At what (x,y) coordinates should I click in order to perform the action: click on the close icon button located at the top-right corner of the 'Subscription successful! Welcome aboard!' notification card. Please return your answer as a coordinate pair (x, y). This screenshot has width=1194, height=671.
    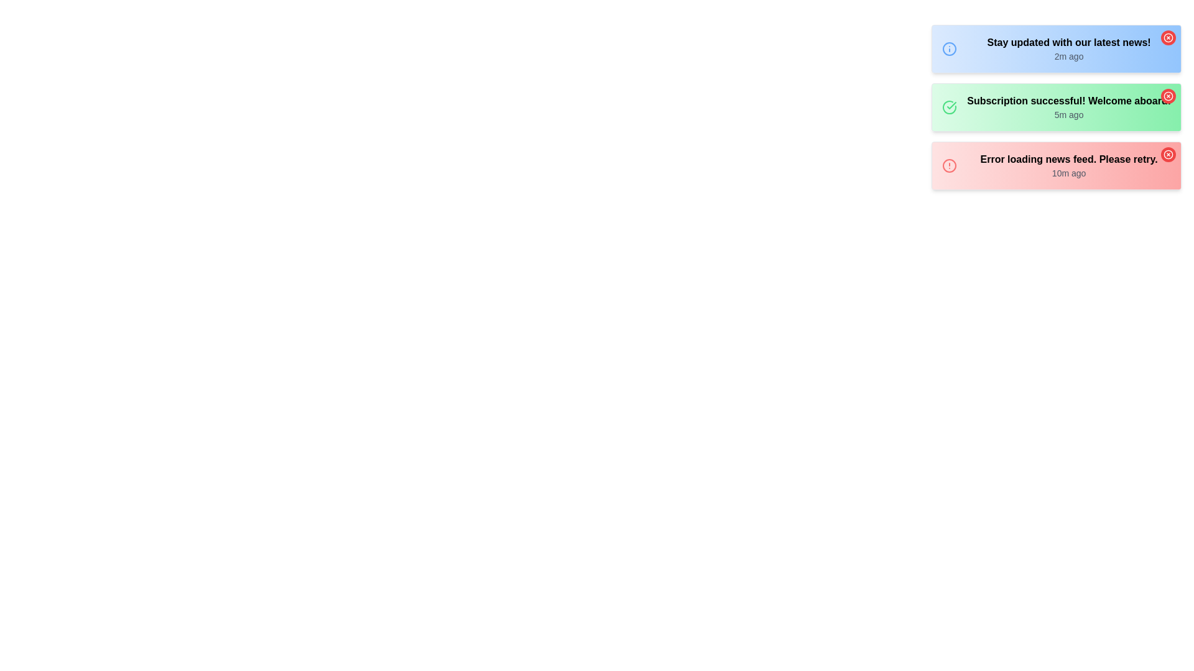
    Looking at the image, I should click on (1167, 95).